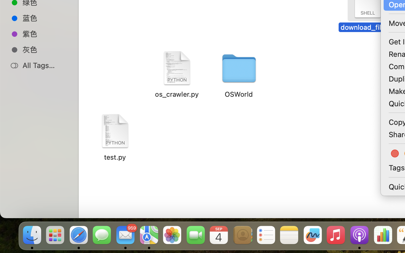 The width and height of the screenshot is (405, 253). What do you see at coordinates (45, 17) in the screenshot?
I see `'蓝色'` at bounding box center [45, 17].